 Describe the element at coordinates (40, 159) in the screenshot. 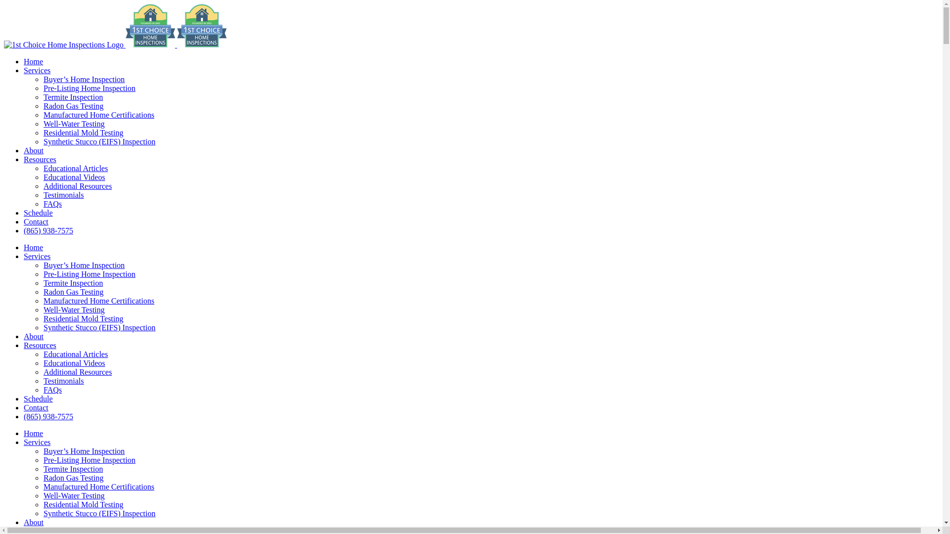

I see `'Resources'` at that location.